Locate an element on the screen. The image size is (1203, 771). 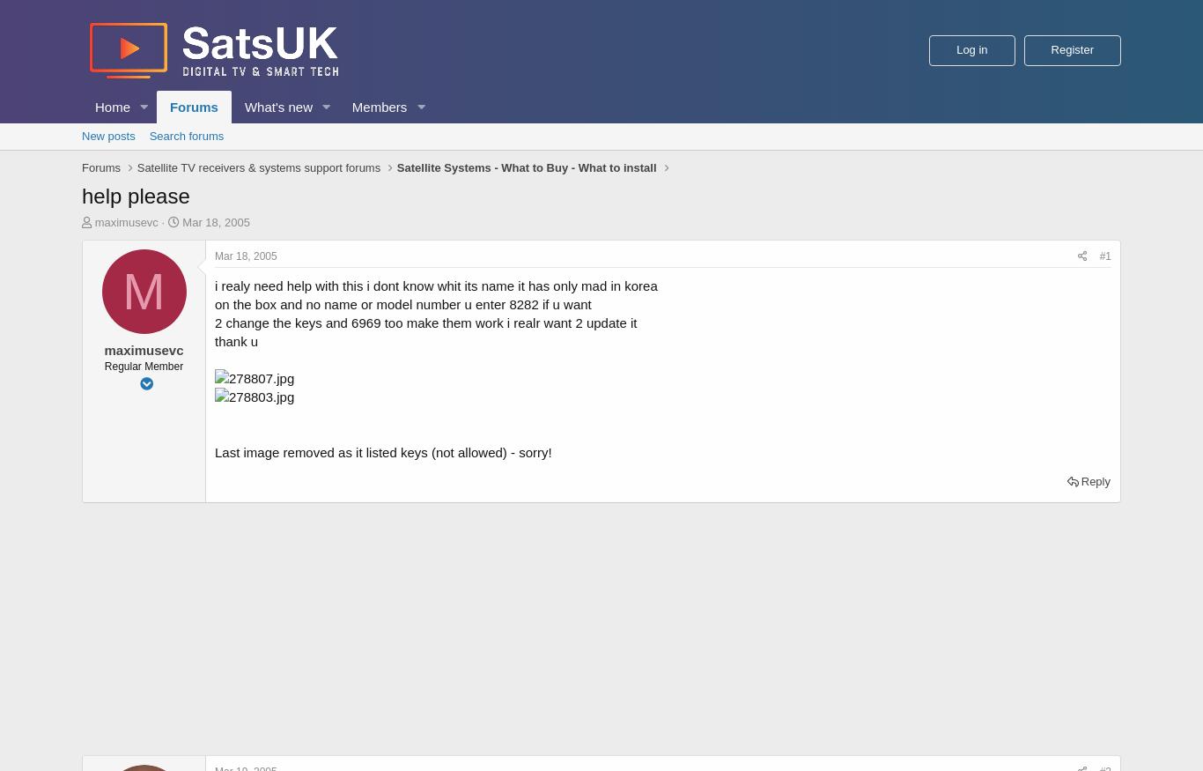
'#1' is located at coordinates (1103, 256).